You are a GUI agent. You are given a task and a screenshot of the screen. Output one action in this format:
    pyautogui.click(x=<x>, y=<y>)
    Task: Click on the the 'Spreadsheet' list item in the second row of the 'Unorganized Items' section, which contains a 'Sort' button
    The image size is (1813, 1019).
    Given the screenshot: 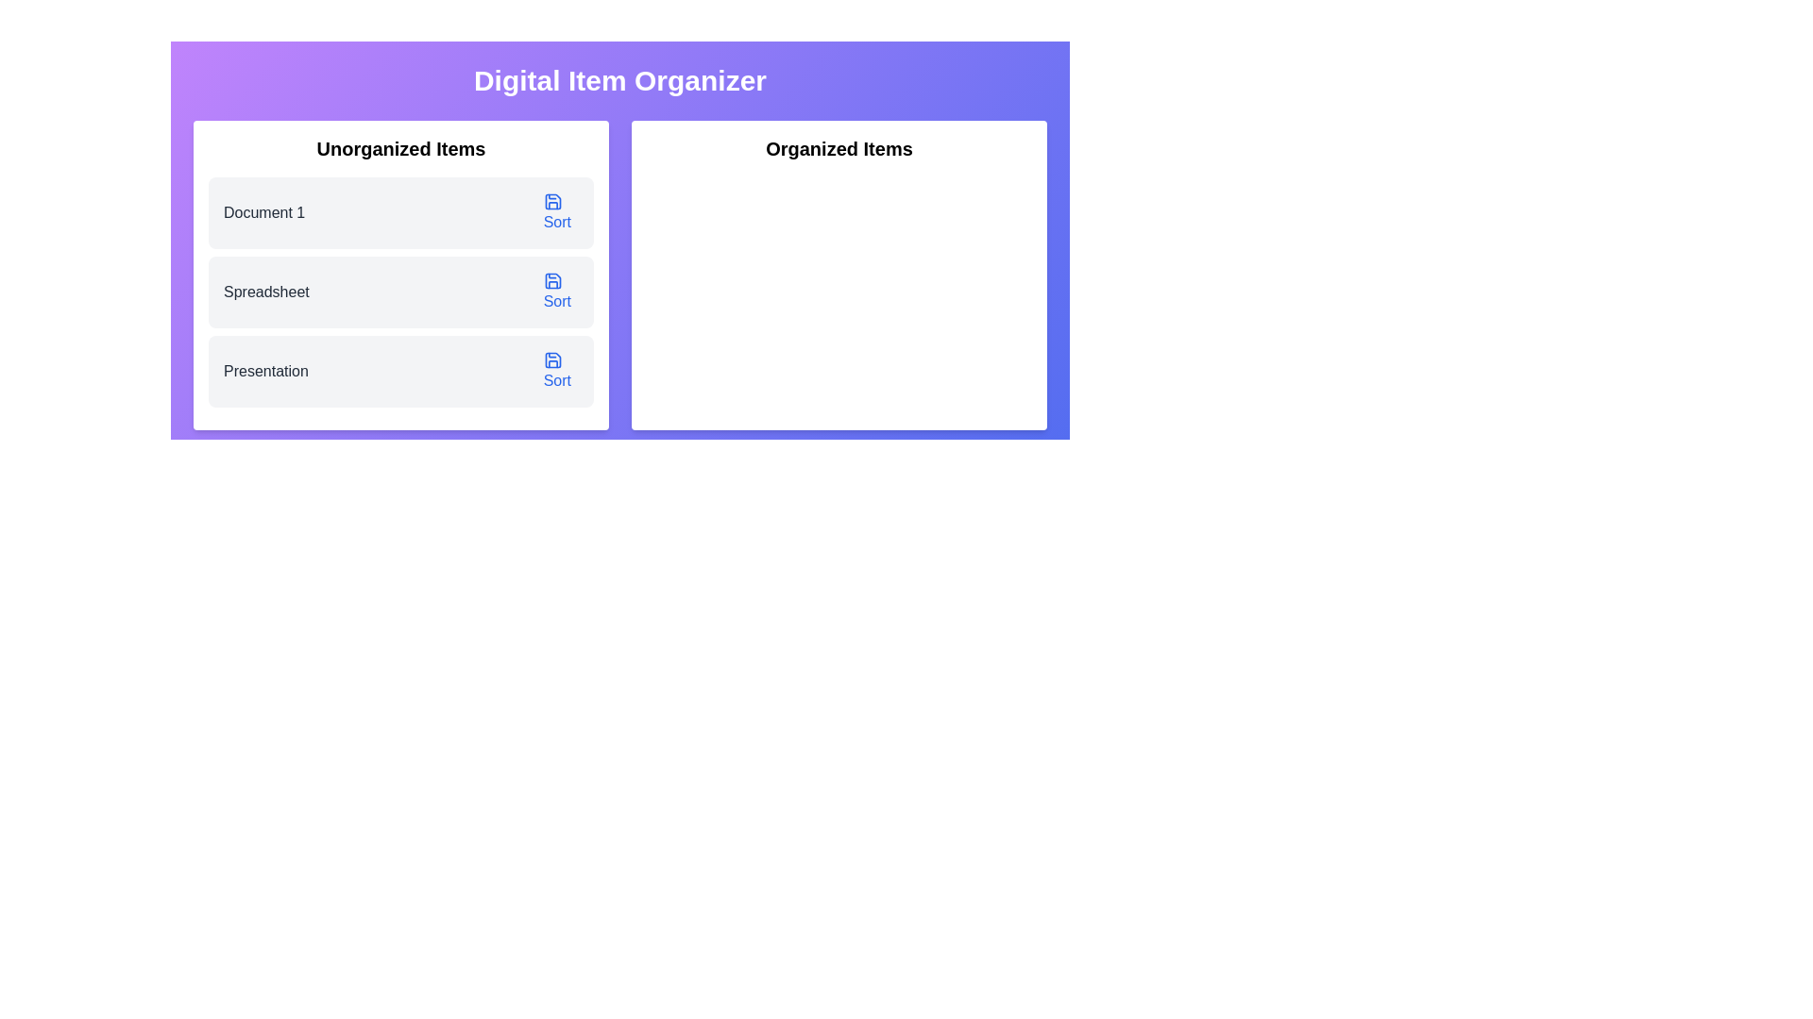 What is the action you would take?
    pyautogui.click(x=400, y=292)
    